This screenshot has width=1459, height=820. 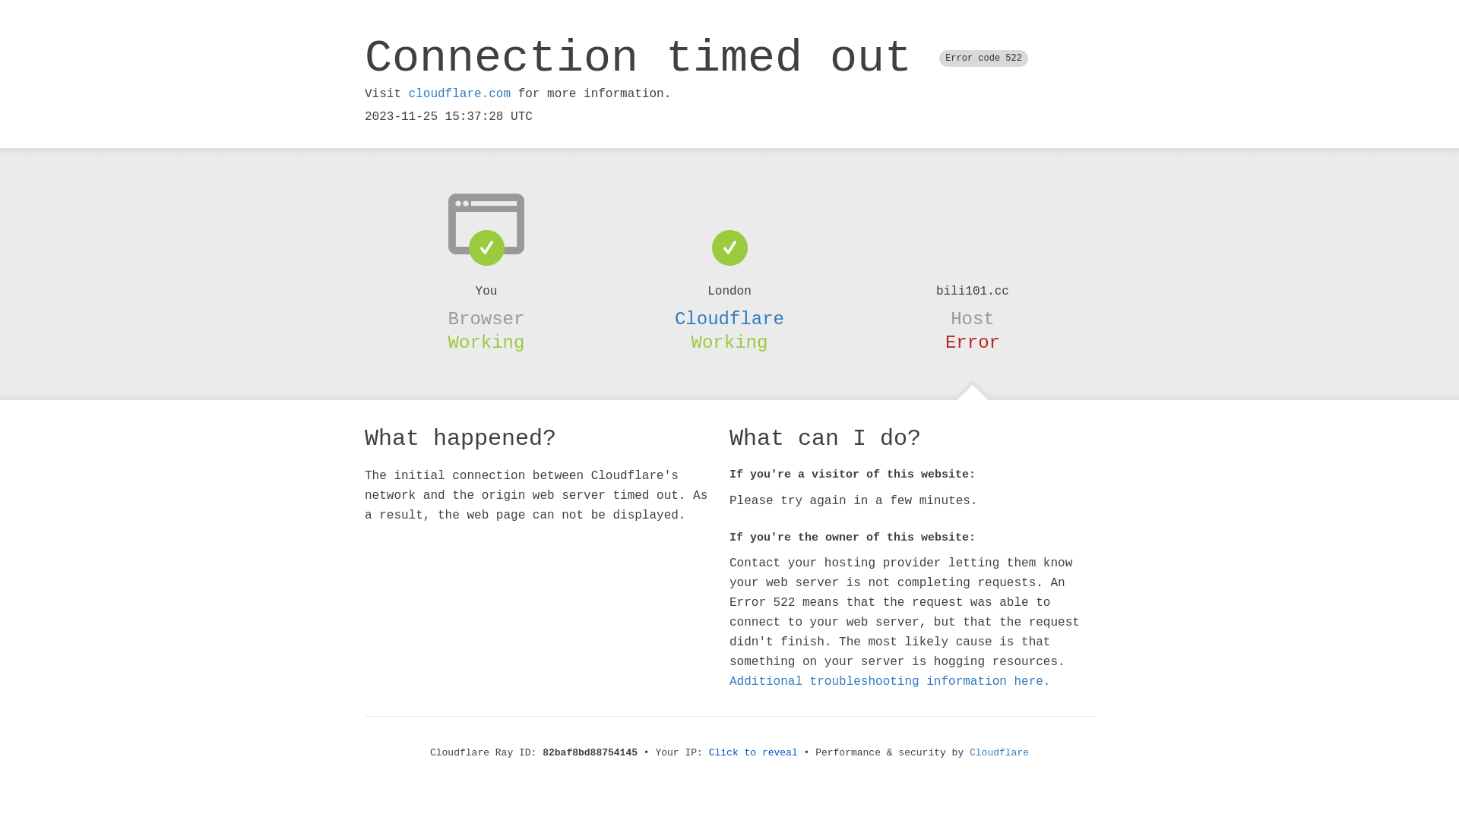 What do you see at coordinates (458, 93) in the screenshot?
I see `'cloudflare.com'` at bounding box center [458, 93].